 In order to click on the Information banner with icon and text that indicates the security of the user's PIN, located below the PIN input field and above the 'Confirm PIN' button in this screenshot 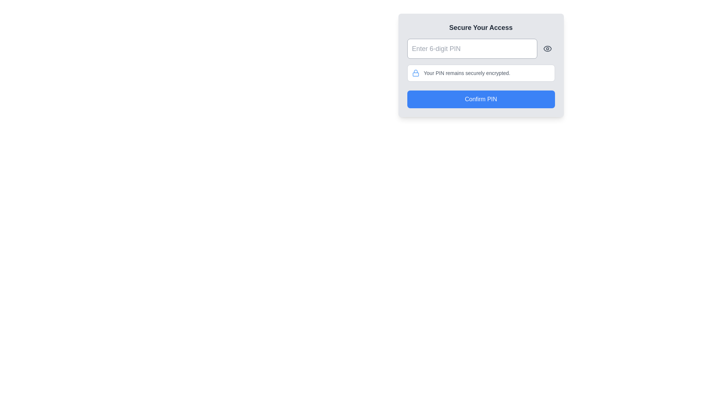, I will do `click(481, 73)`.